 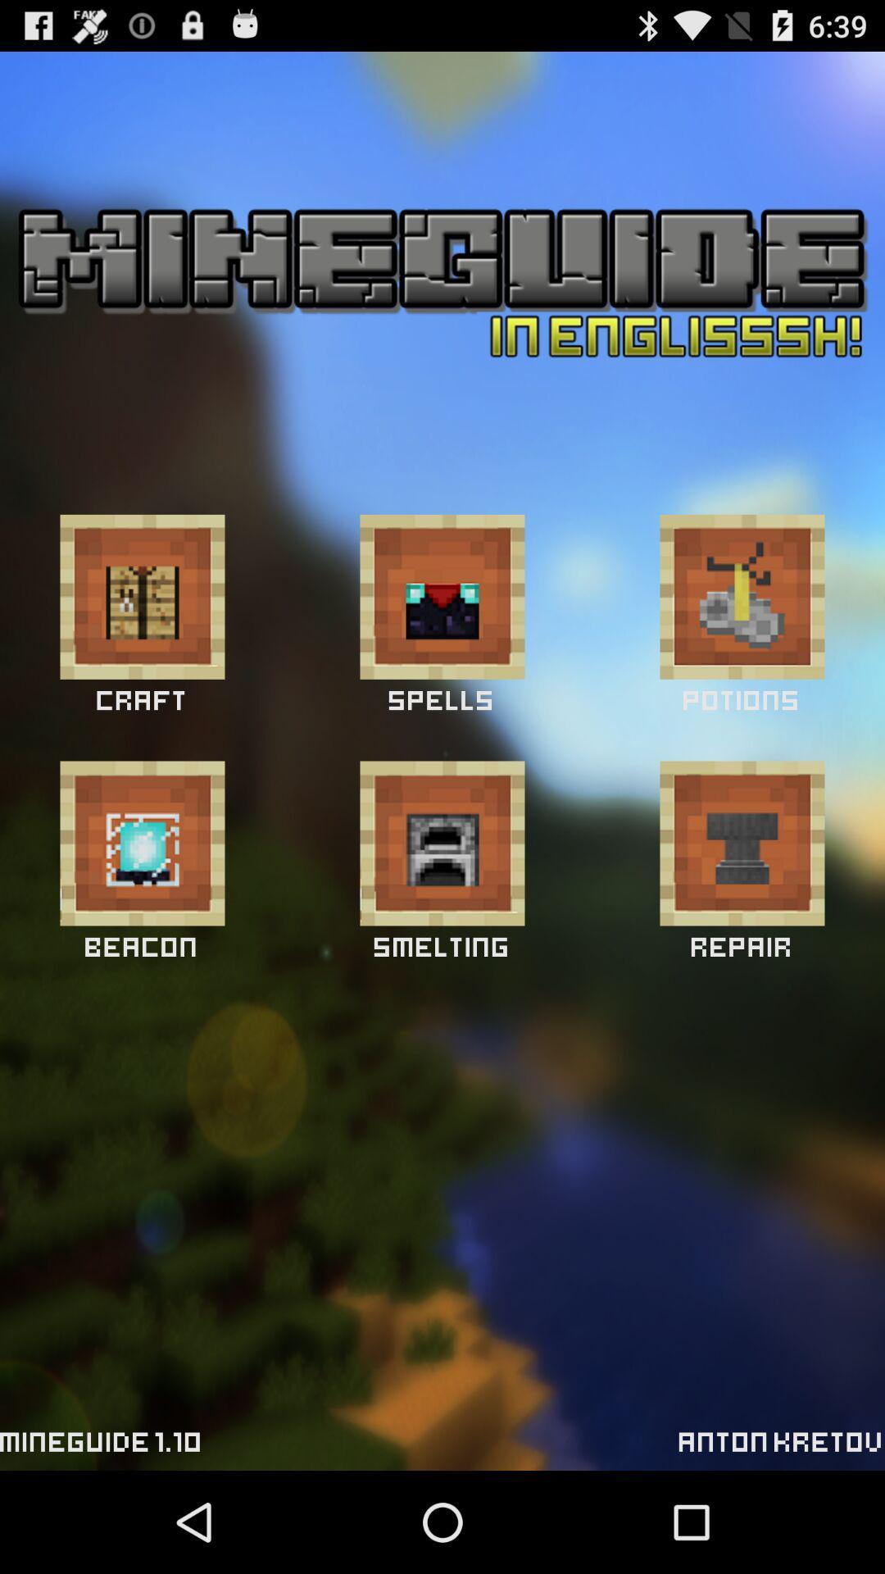 I want to click on the date_range icon, so click(x=141, y=638).